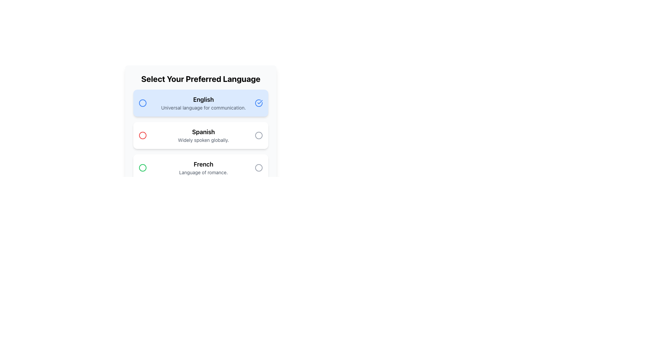  Describe the element at coordinates (203, 167) in the screenshot. I see `the text block that labels the language option 'French', which is located in the third position of the vertical list of language preferences, situated below 'Spanish'` at that location.